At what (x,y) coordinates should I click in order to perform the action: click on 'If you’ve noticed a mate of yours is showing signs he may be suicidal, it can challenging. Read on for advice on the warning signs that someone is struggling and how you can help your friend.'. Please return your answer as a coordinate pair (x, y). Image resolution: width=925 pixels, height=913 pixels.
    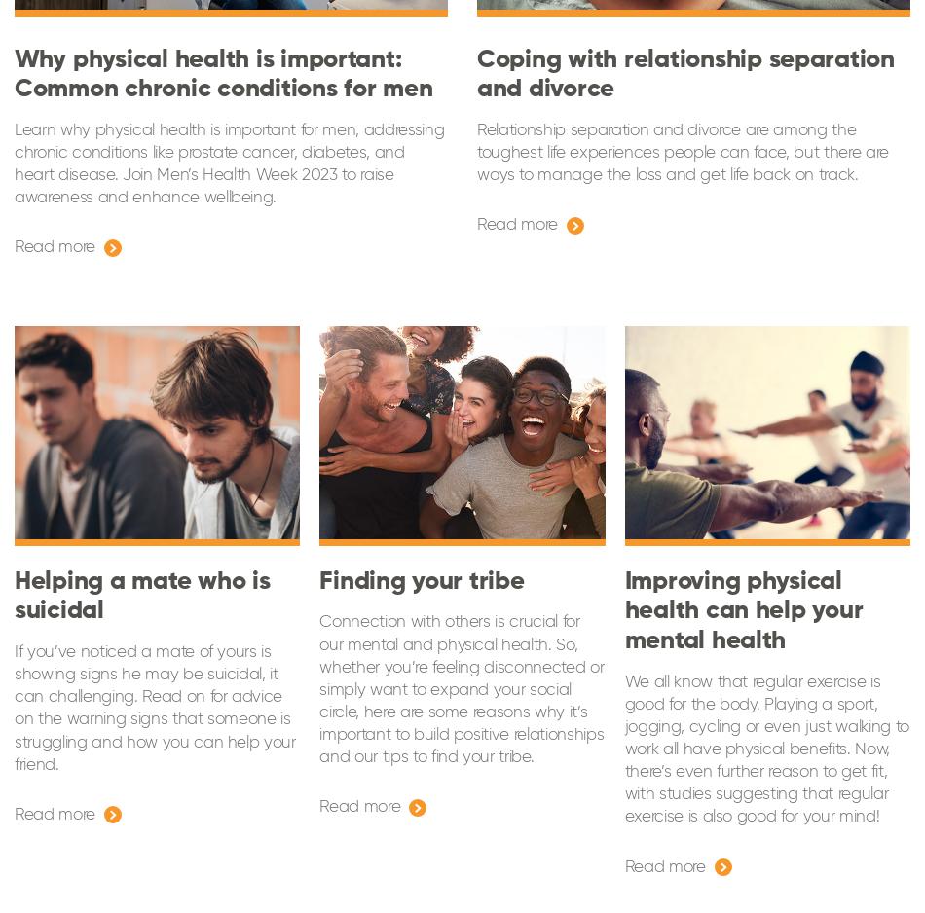
    Looking at the image, I should click on (15, 707).